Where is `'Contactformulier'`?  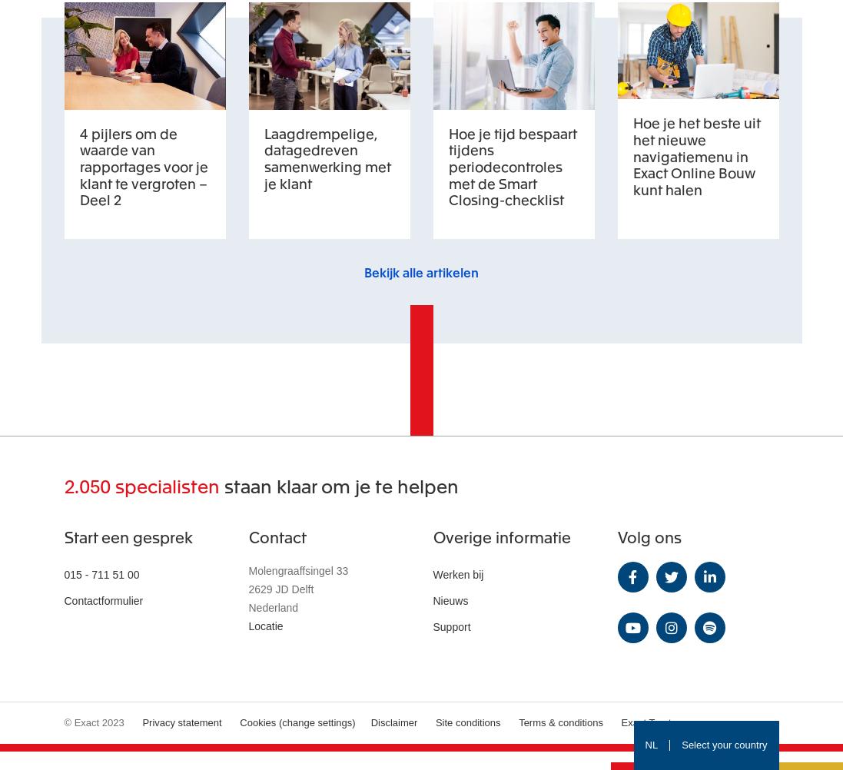
'Contactformulier' is located at coordinates (63, 599).